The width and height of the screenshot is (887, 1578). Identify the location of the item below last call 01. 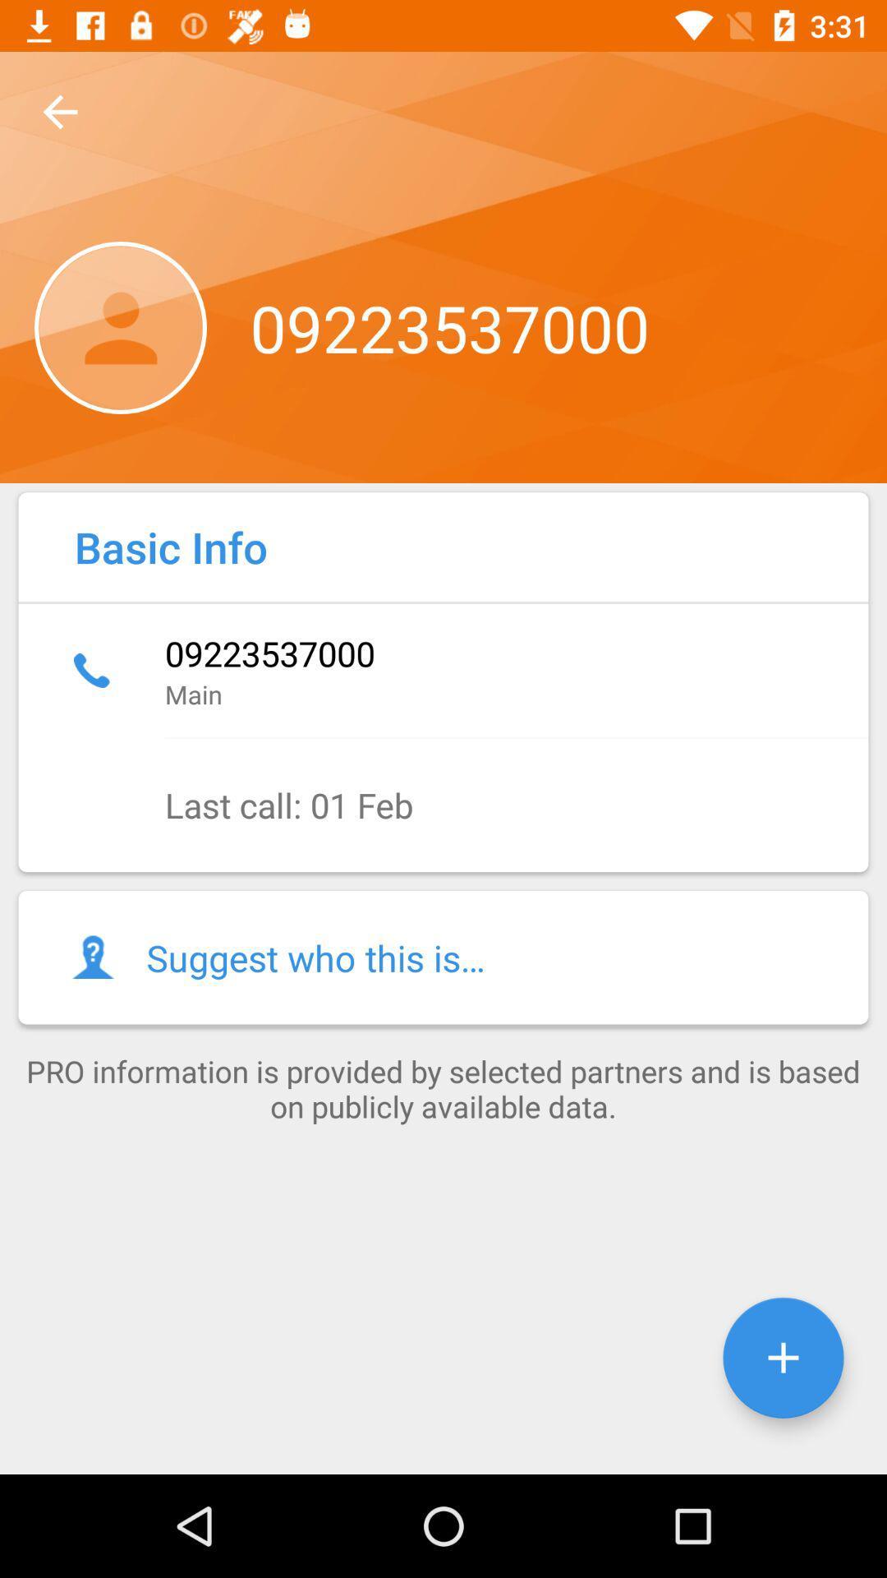
(443, 957).